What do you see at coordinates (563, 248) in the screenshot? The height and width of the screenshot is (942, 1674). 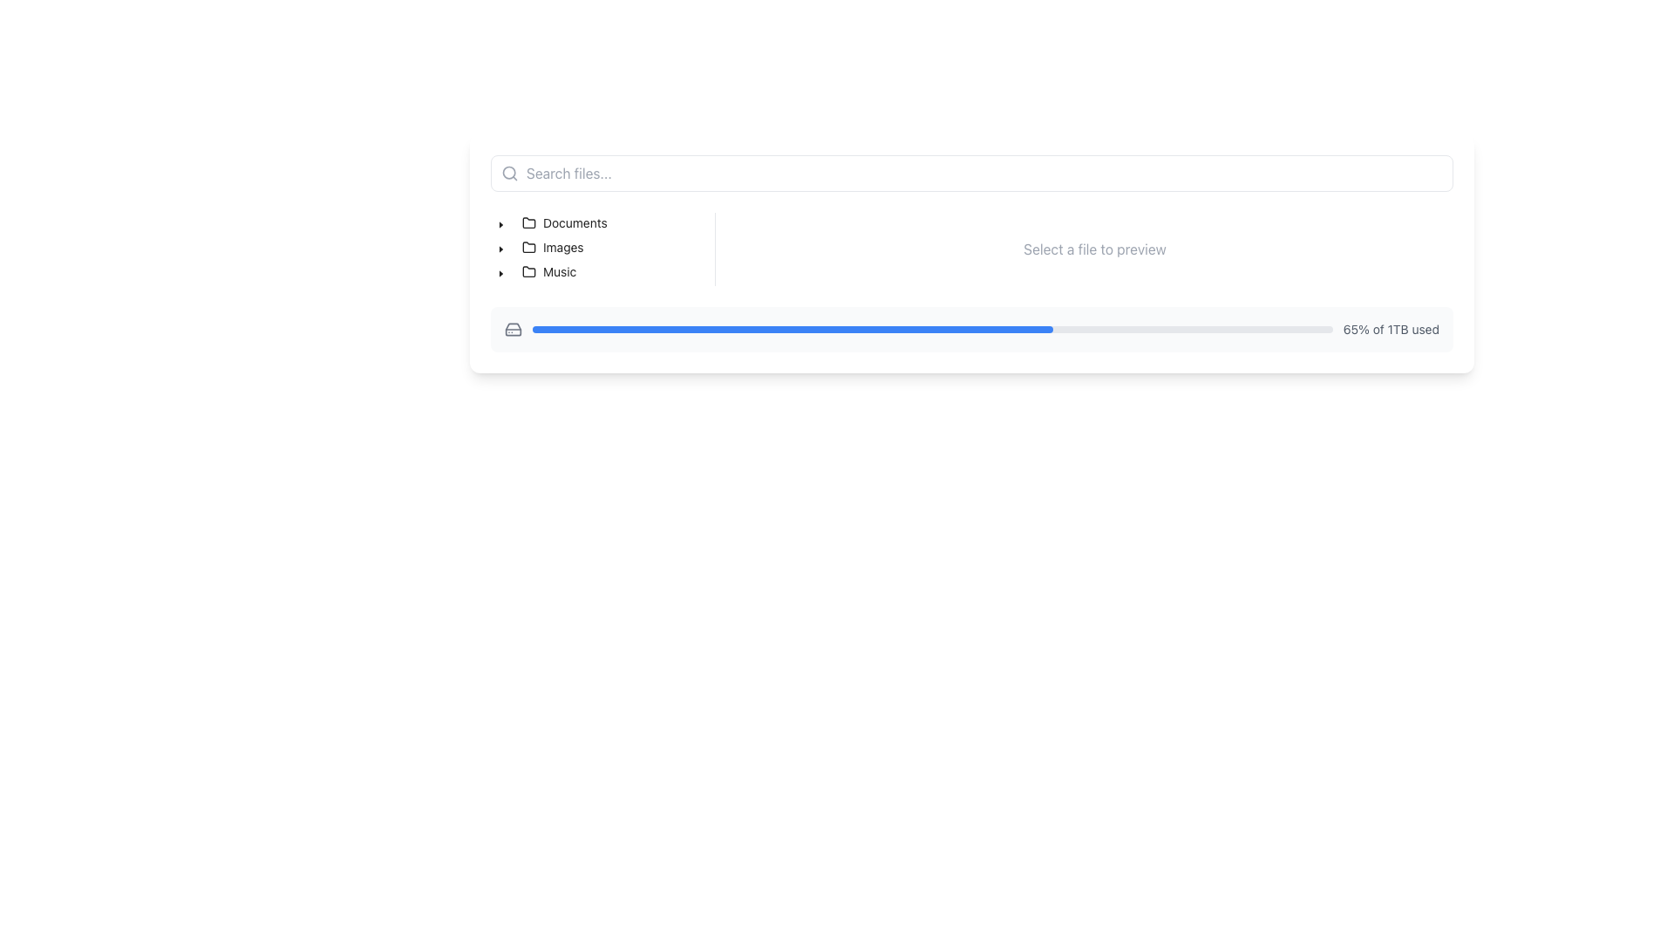 I see `the text label reading 'Images', which is styled in a straightforward font and positioned to the right of a folder icon in the file-directory interface` at bounding box center [563, 248].